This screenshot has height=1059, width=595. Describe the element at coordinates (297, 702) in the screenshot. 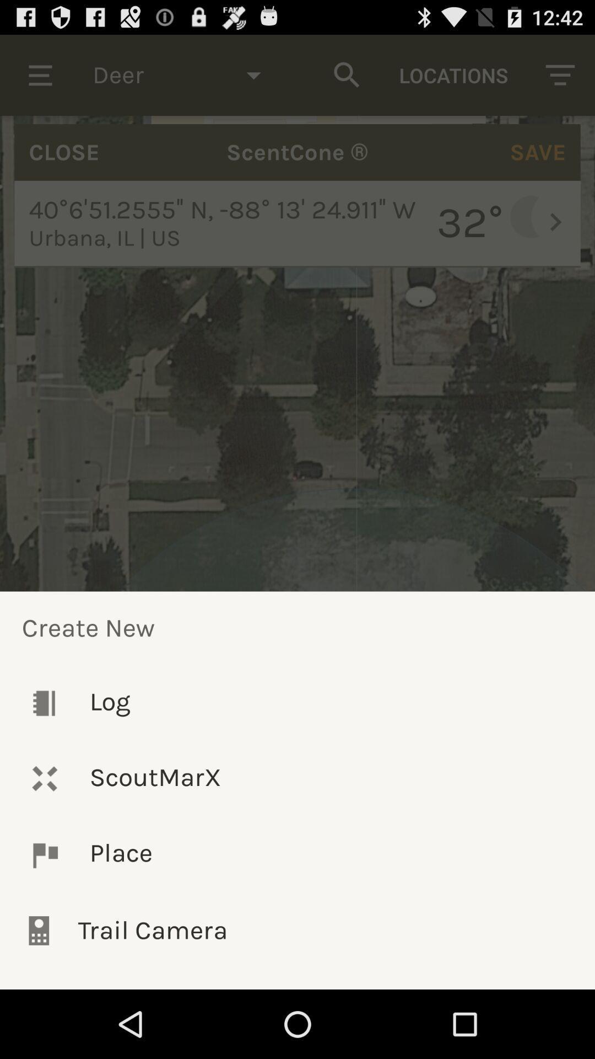

I see `the item above the scoutmarx item` at that location.